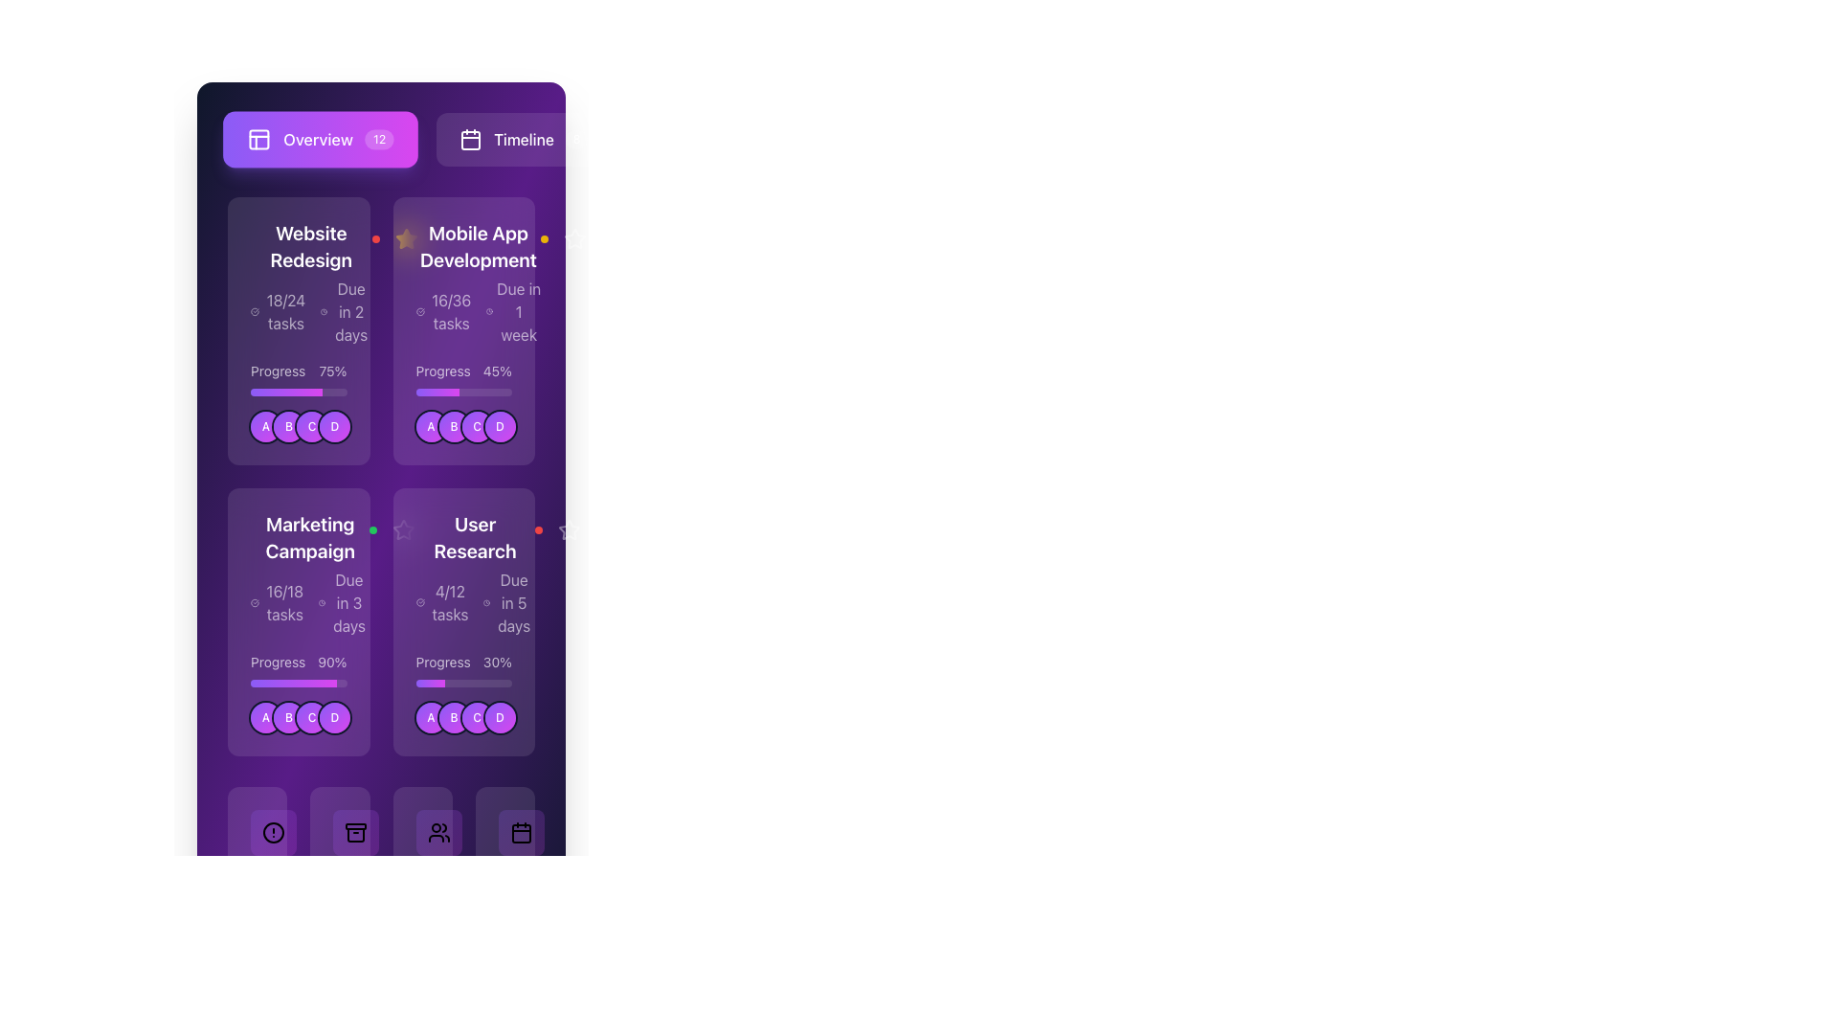 The width and height of the screenshot is (1838, 1034). I want to click on the button that allows users to mark or favorite the associated task, located between a small green dot indicator and a vertical ellipsis icon, so click(403, 530).